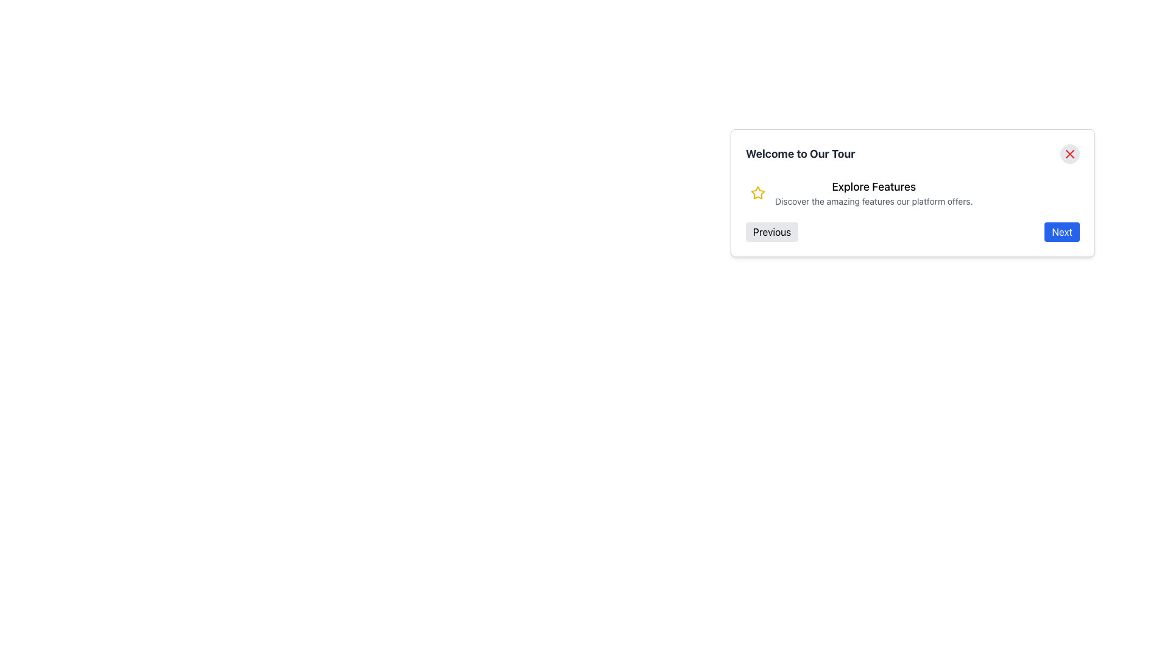 The image size is (1170, 658). Describe the element at coordinates (757, 192) in the screenshot. I see `the icon located on the left side of the section titled 'Explore Features', which emphasizes the feature description above the 'Previous' and 'Next' buttons` at that location.